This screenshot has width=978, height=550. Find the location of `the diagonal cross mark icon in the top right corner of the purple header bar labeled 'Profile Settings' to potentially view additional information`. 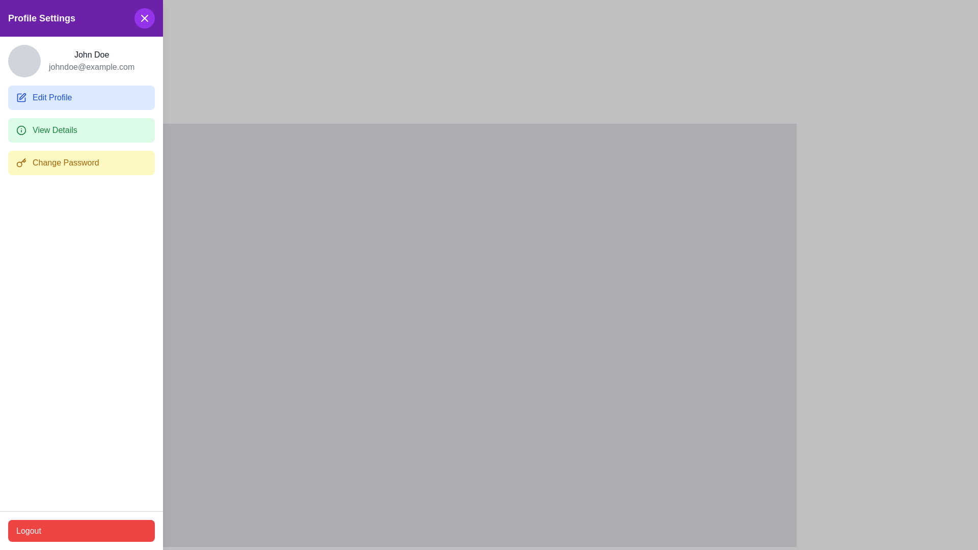

the diagonal cross mark icon in the top right corner of the purple header bar labeled 'Profile Settings' to potentially view additional information is located at coordinates (144, 18).